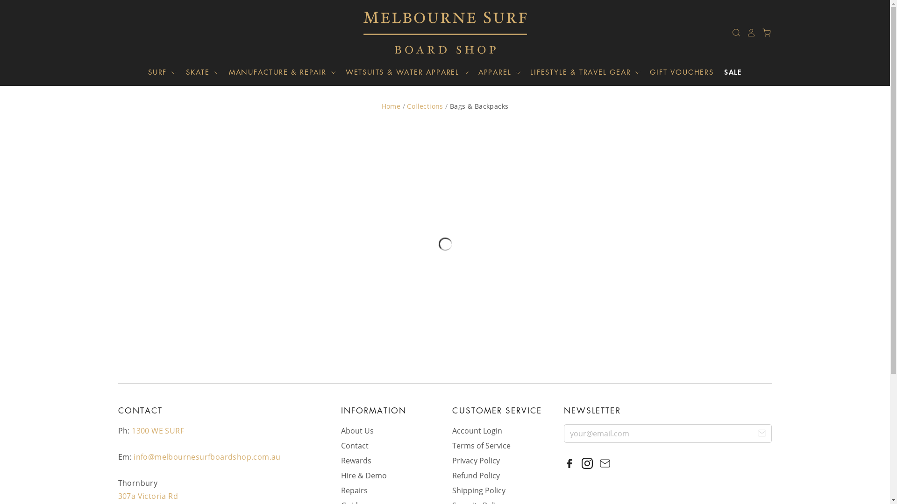 Image resolution: width=897 pixels, height=504 pixels. What do you see at coordinates (354, 490) in the screenshot?
I see `'Repairs'` at bounding box center [354, 490].